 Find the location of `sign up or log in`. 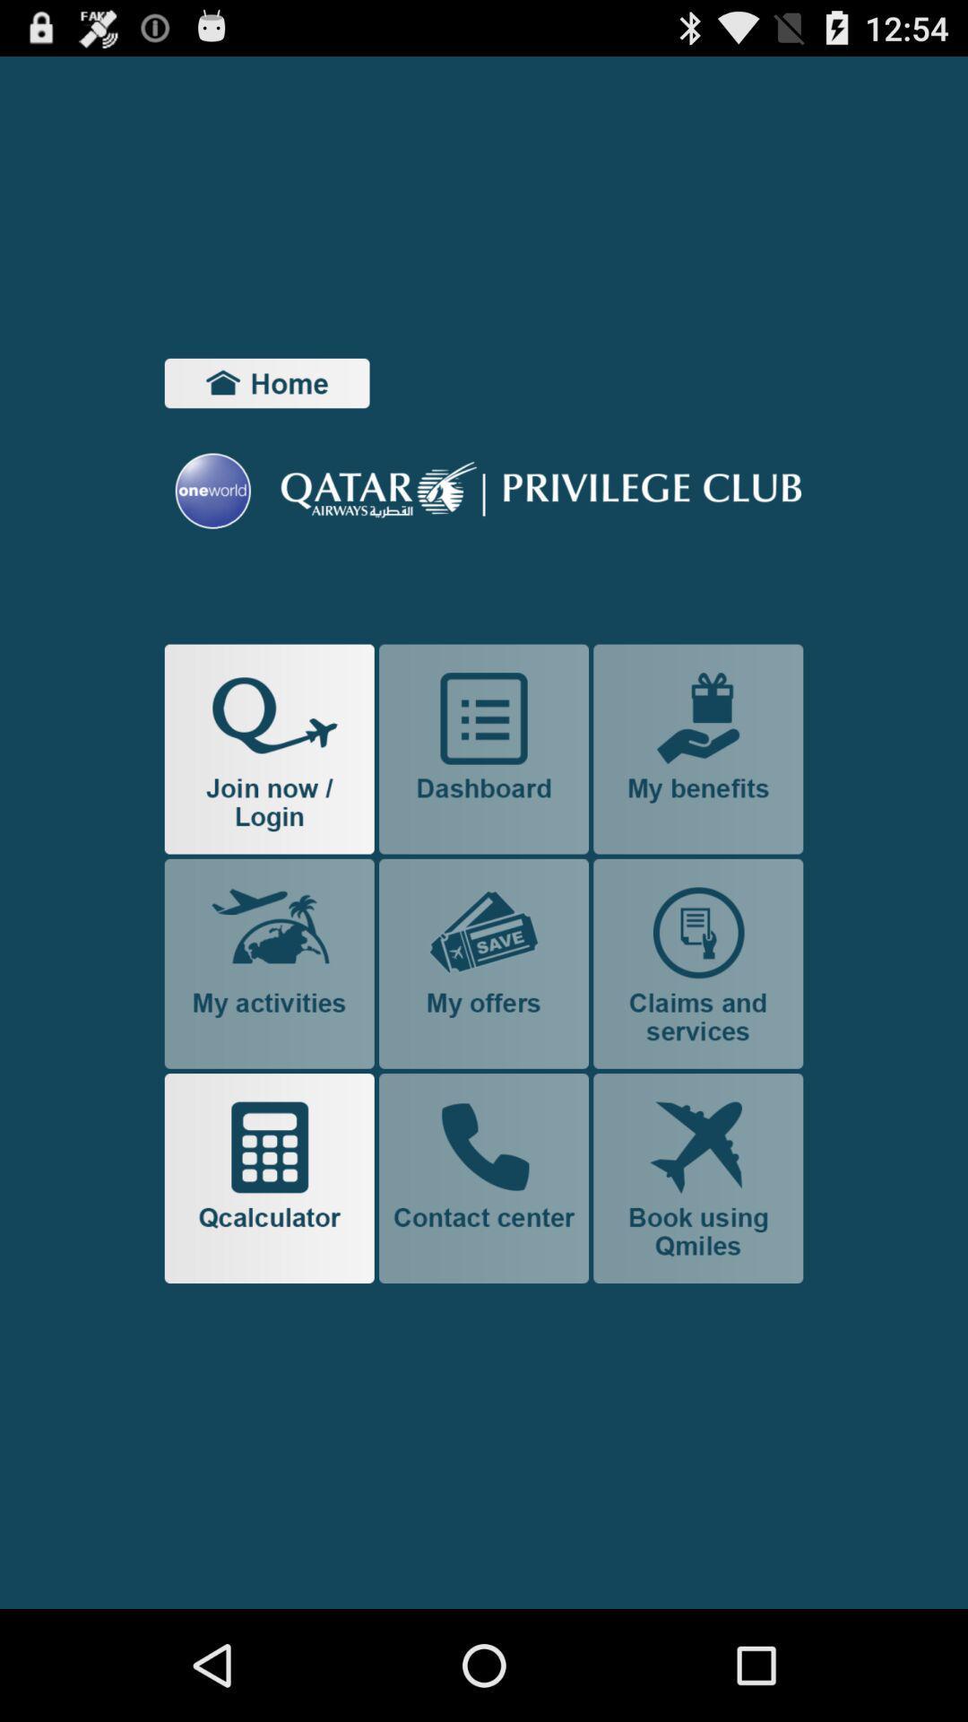

sign up or log in is located at coordinates (269, 749).